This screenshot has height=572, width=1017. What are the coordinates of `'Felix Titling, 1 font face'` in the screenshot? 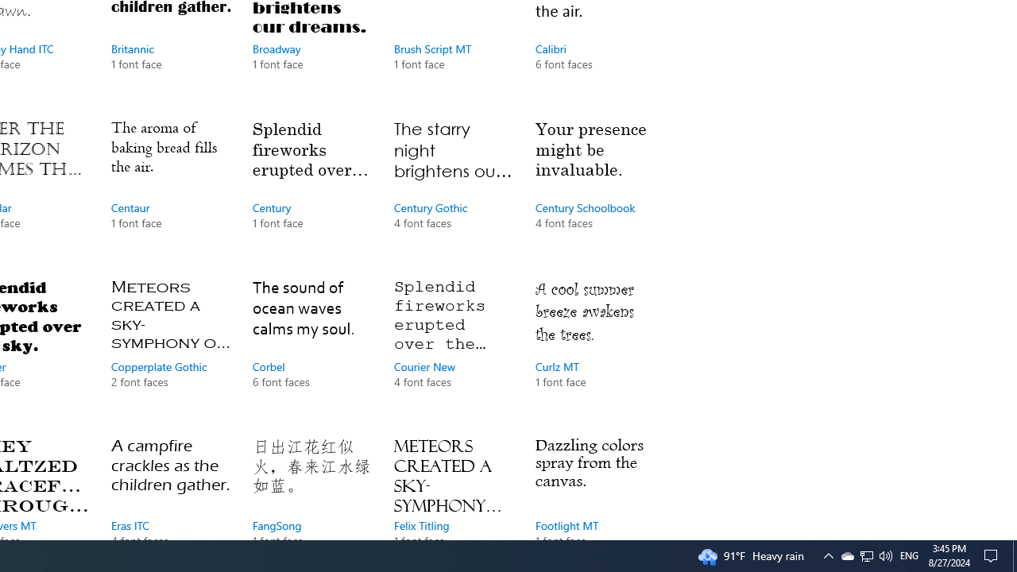 It's located at (452, 483).